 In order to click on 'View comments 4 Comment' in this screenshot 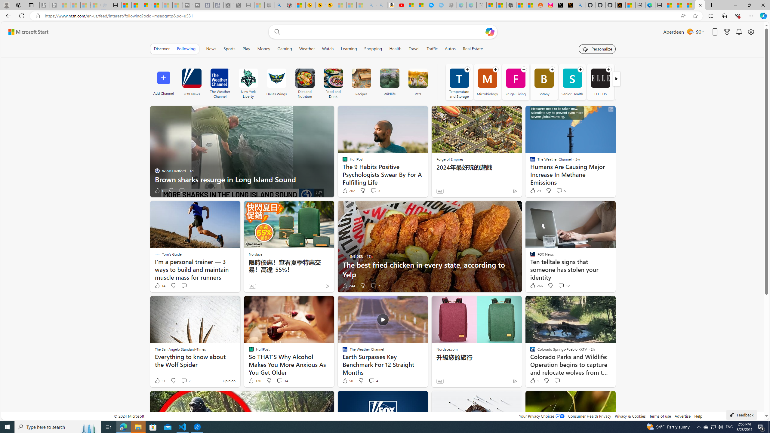, I will do `click(373, 380)`.